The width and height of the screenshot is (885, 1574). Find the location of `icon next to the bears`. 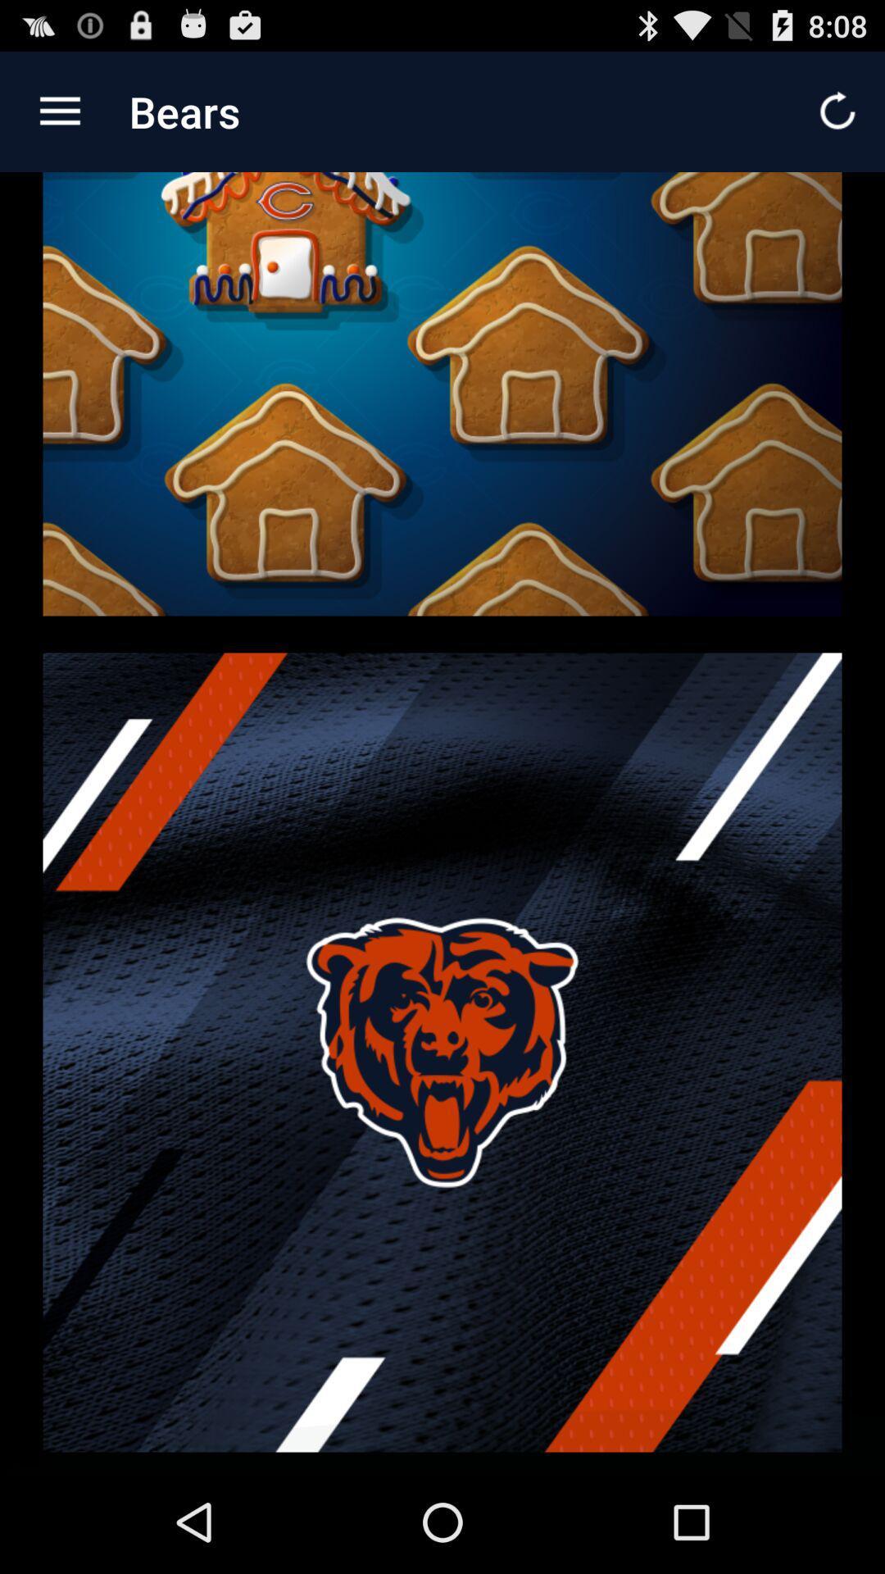

icon next to the bears is located at coordinates (59, 111).